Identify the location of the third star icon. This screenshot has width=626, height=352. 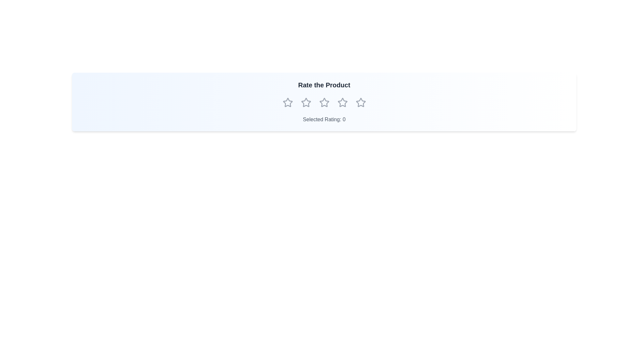
(342, 102).